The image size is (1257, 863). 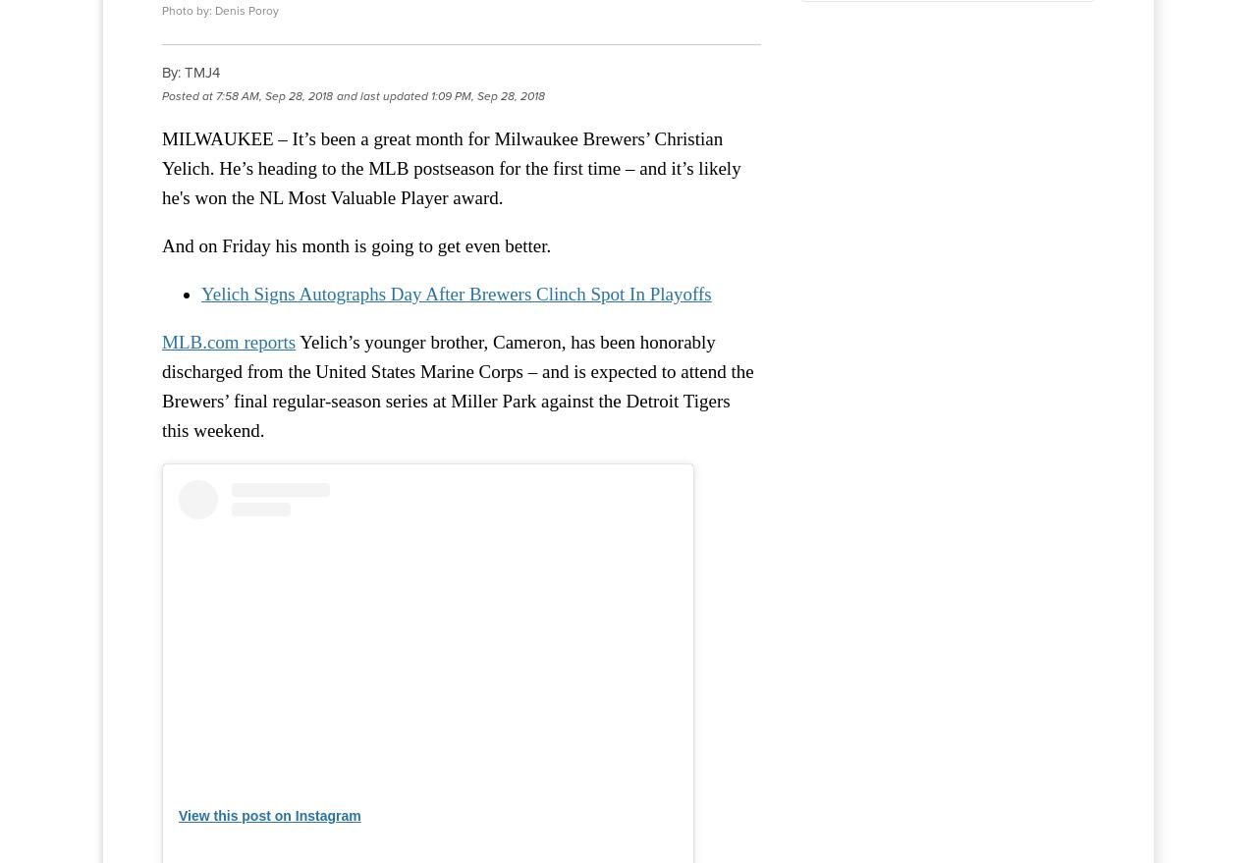 What do you see at coordinates (187, 95) in the screenshot?
I see `'Posted at'` at bounding box center [187, 95].